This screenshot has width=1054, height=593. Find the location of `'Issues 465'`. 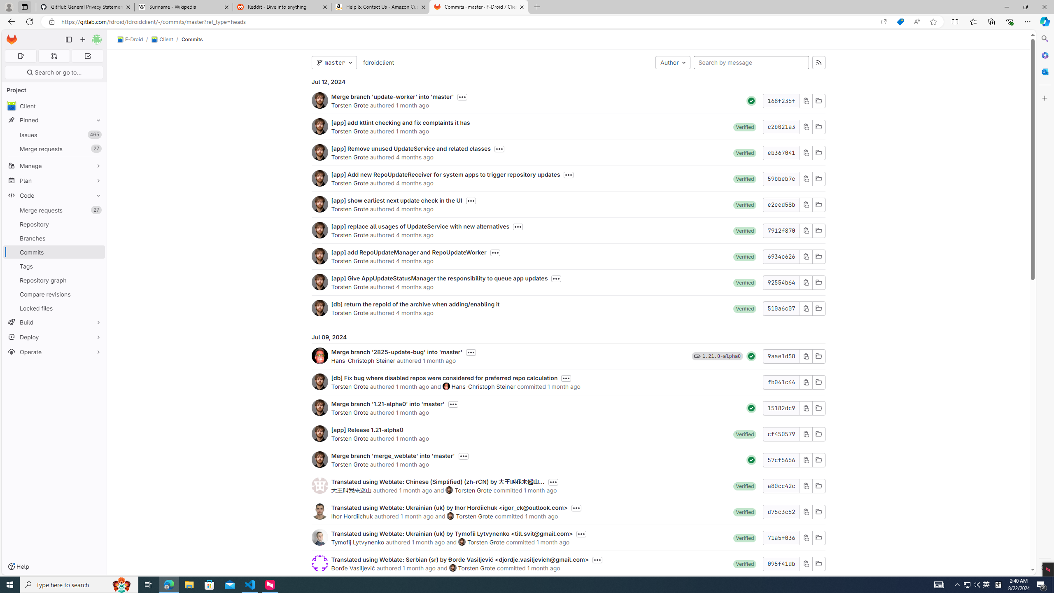

'Issues 465' is located at coordinates (54, 134).